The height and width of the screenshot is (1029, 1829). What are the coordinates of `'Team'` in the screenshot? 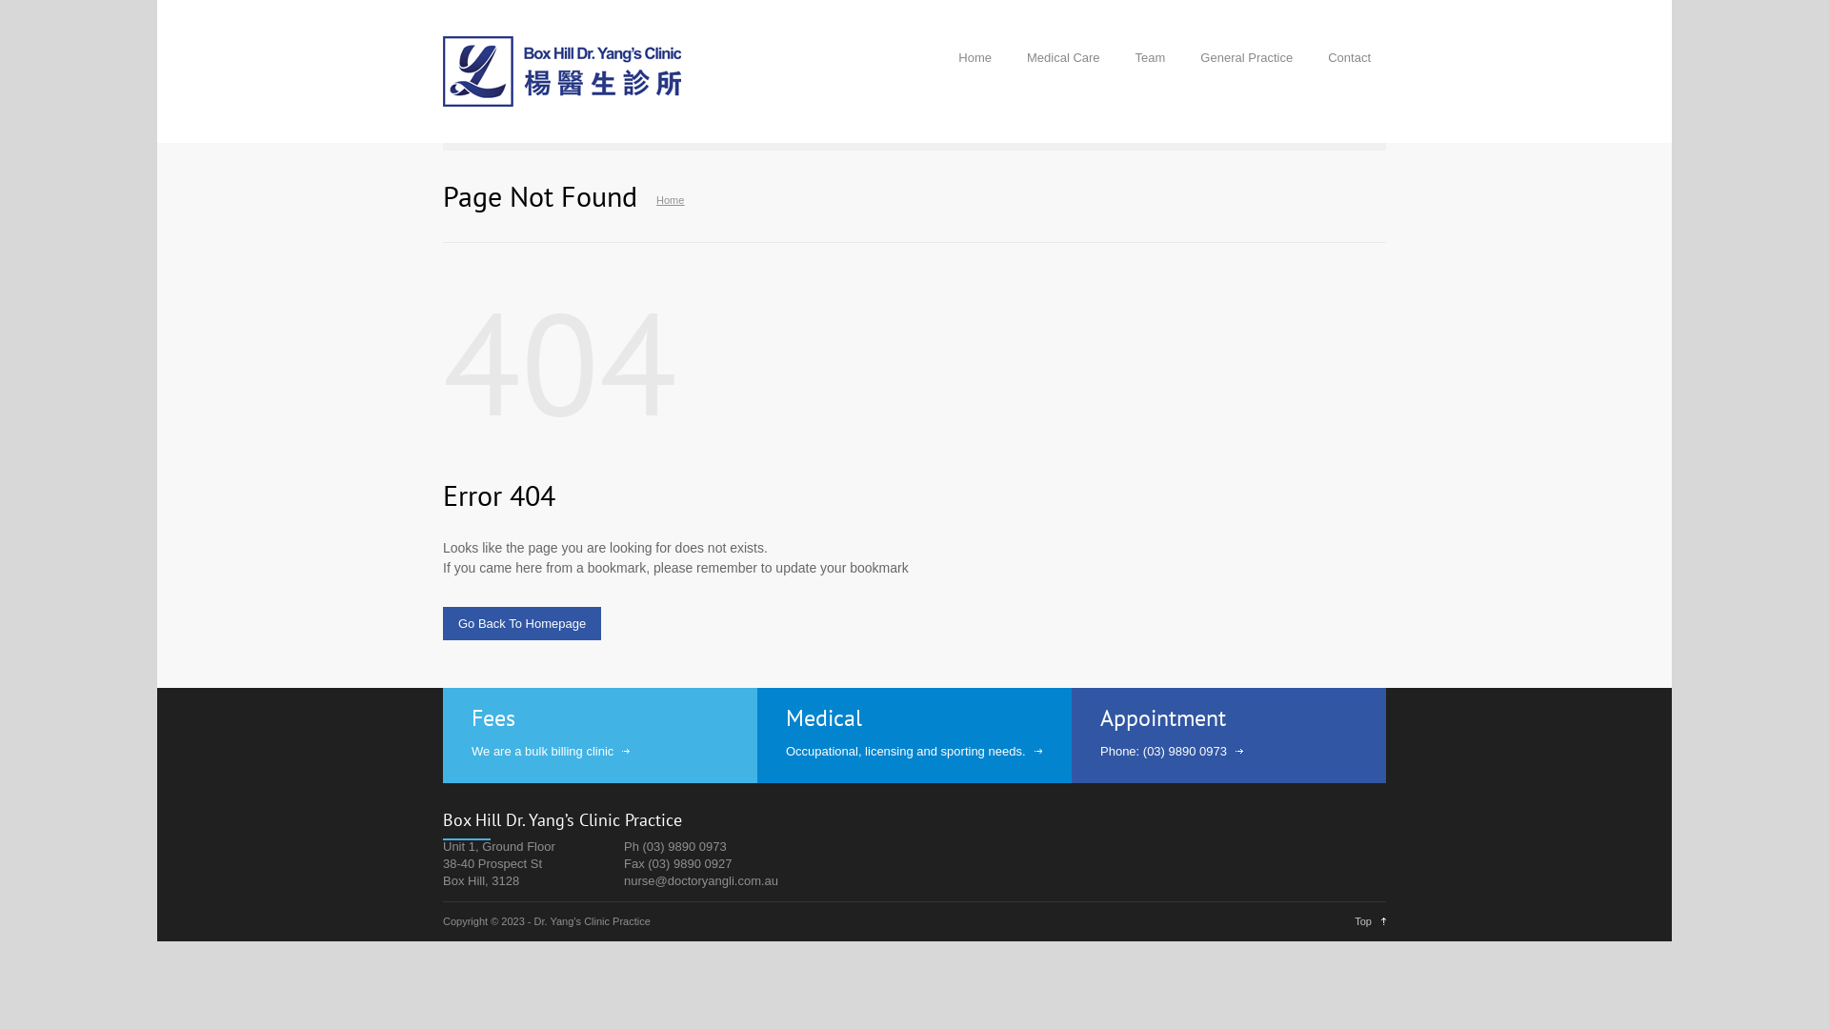 It's located at (1150, 56).